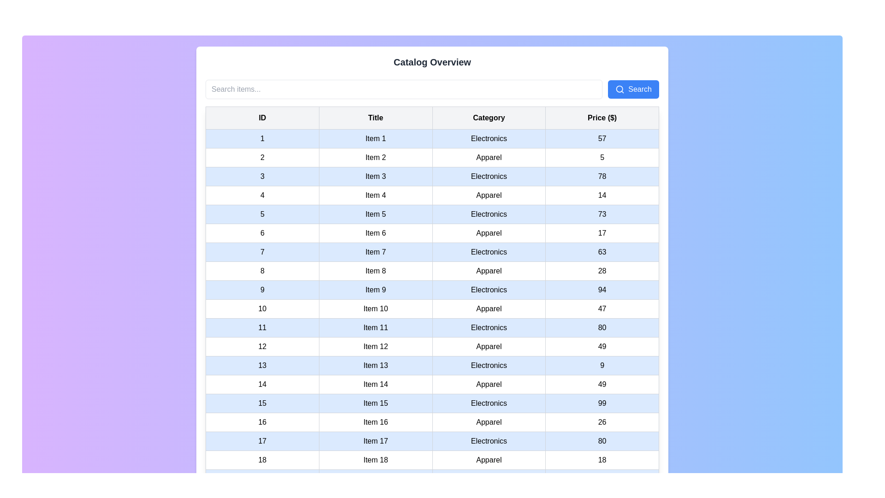 This screenshot has width=885, height=498. Describe the element at coordinates (262, 195) in the screenshot. I see `the table cell displaying the unique identifier in the 'ID' column located in the fourth row, which has a white background` at that location.